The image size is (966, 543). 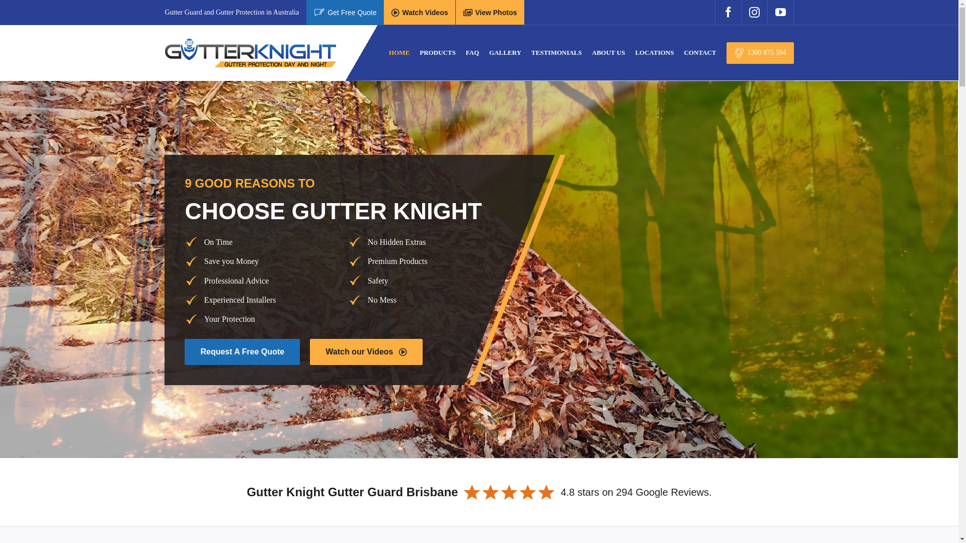 I want to click on 'TESTIMONIALS', so click(x=531, y=52).